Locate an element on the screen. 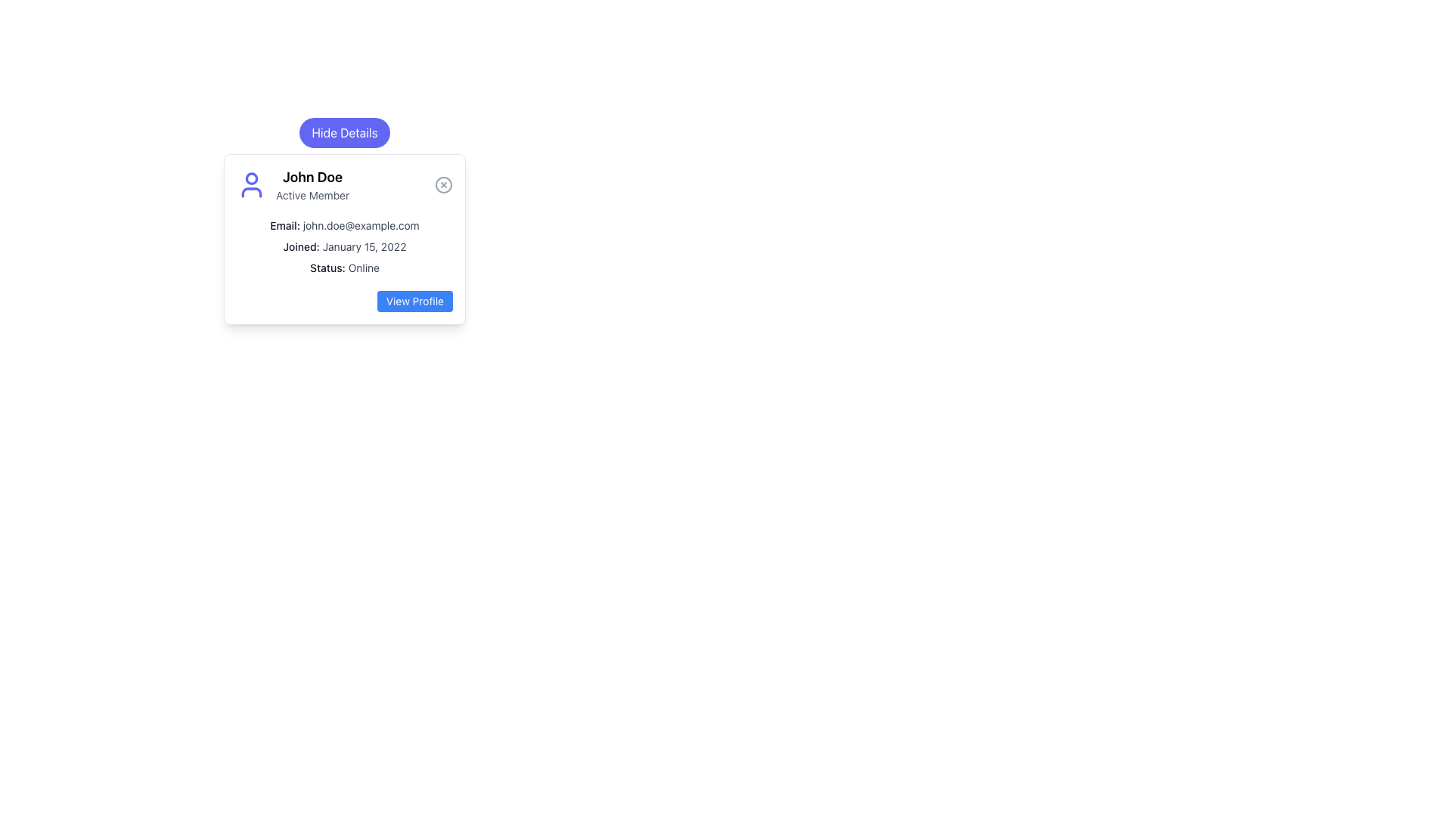 This screenshot has height=816, width=1452. text label element displaying 'John Doe', which is emphasized in bold and larger font, located at the top-left of a user information card is located at coordinates (312, 177).